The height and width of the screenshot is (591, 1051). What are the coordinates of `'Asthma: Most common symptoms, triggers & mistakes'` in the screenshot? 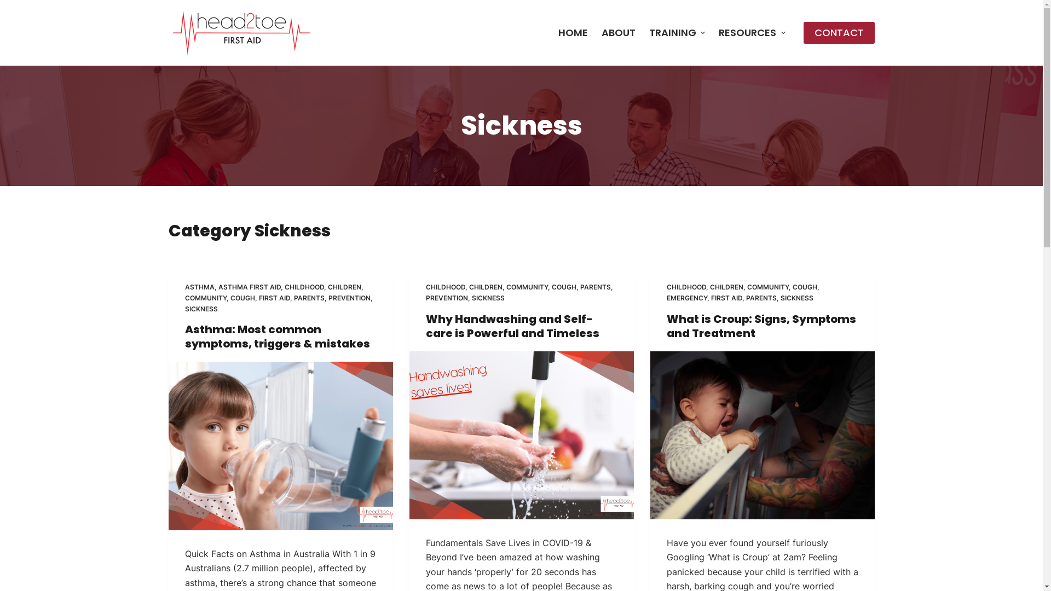 It's located at (278, 335).